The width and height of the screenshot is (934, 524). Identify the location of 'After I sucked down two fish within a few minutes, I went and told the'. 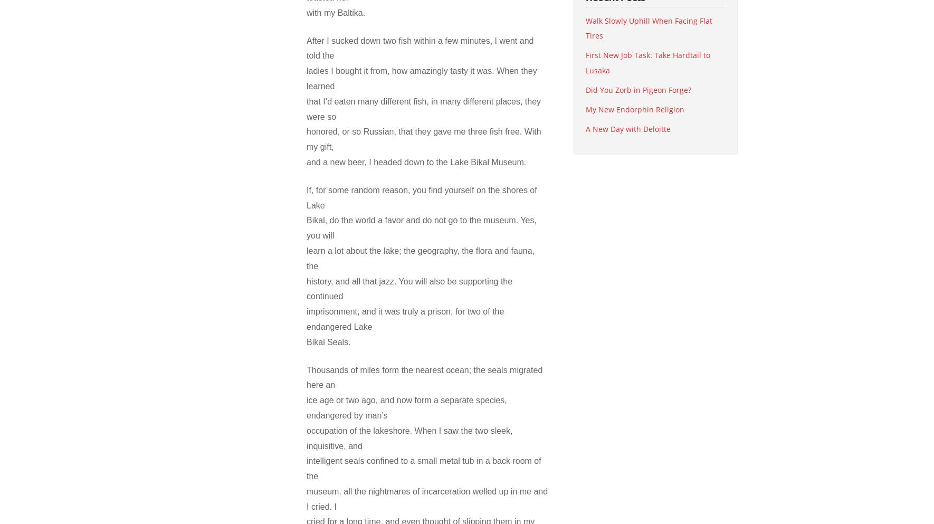
(420, 47).